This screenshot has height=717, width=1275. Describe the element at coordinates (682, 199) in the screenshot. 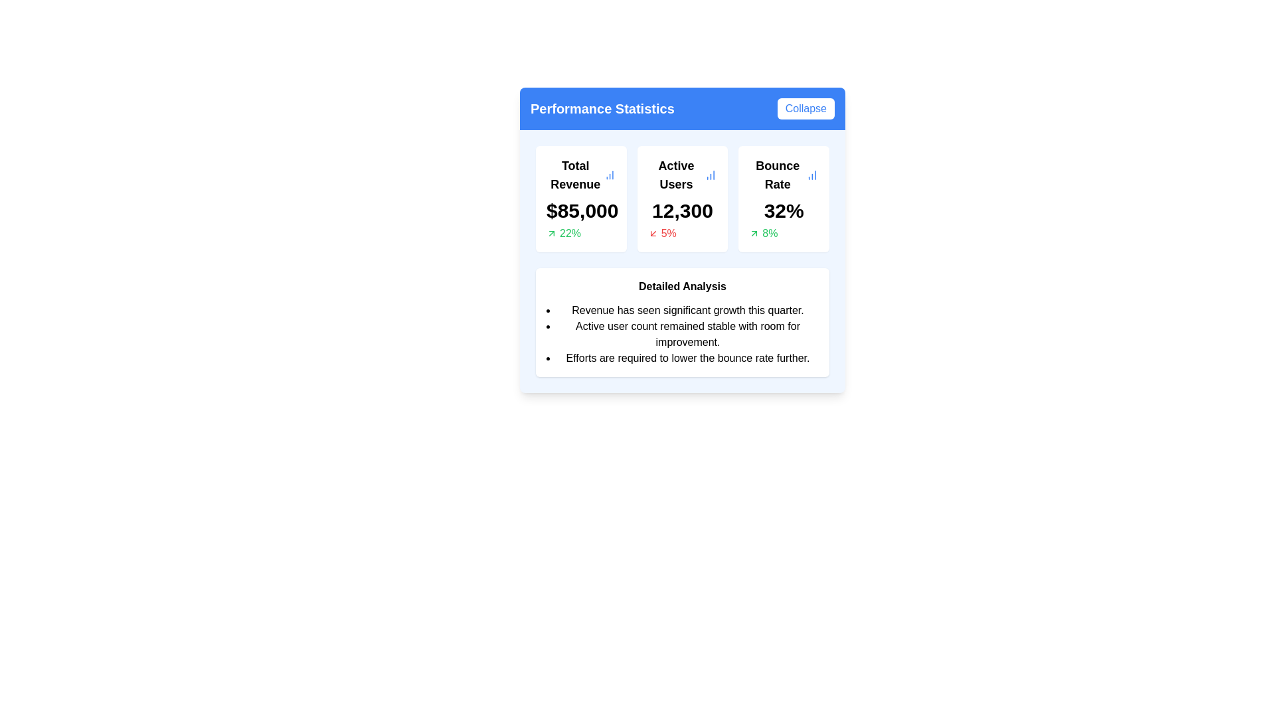

I see `the Summary display panel that provides insights on Total Revenue, Active Users, and Bounce Rate, located beneath the Performance Statistics title bar` at that location.